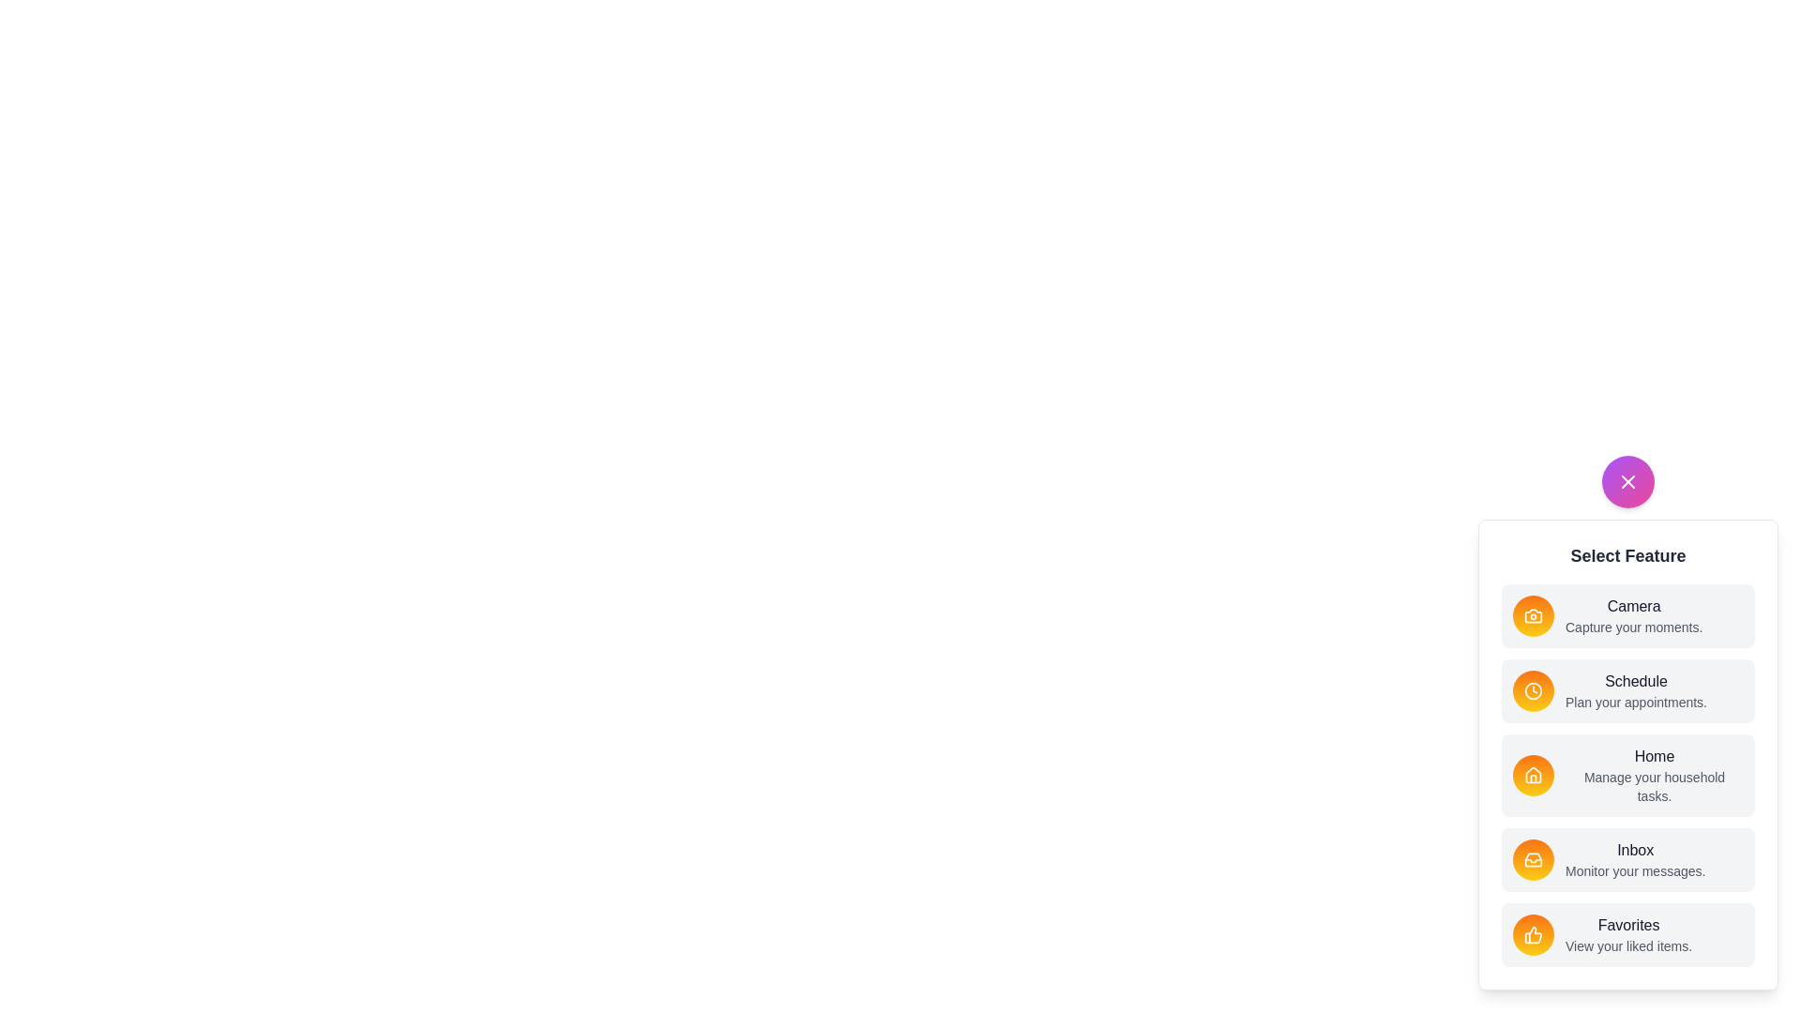  Describe the element at coordinates (1627, 860) in the screenshot. I see `the feature item labeled Inbox to select it` at that location.